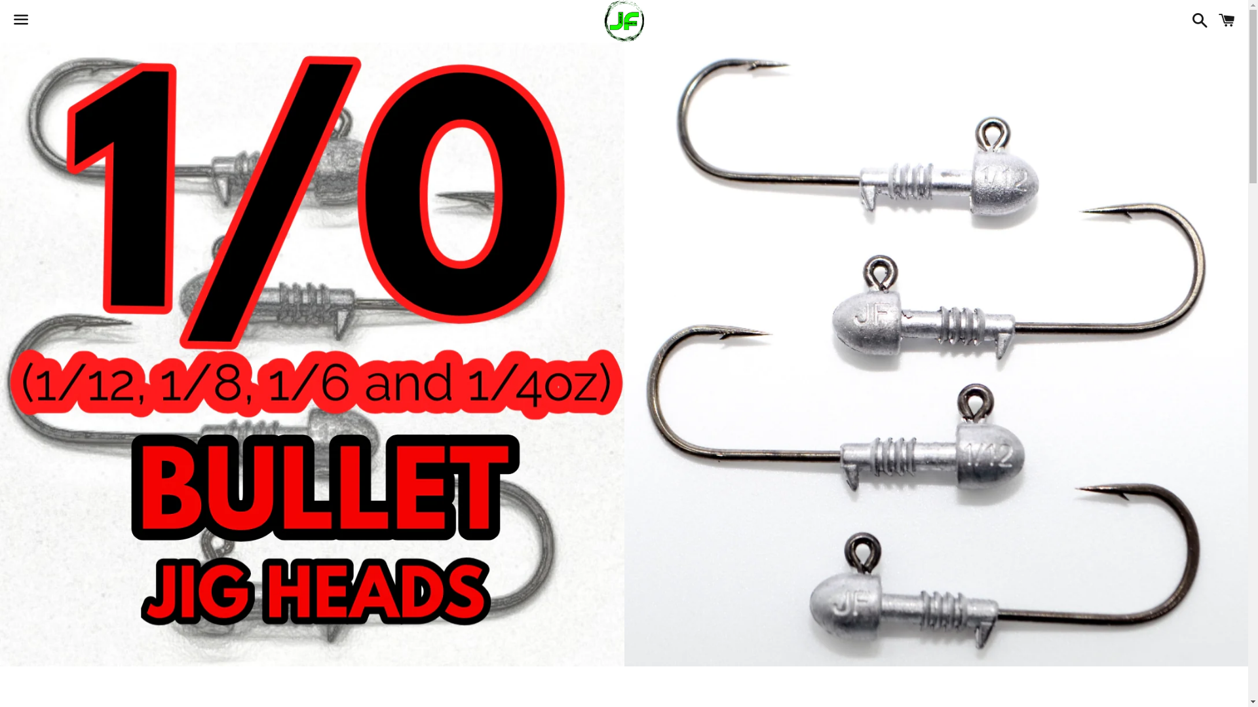 The width and height of the screenshot is (1258, 707). I want to click on 'Search', so click(1196, 20).